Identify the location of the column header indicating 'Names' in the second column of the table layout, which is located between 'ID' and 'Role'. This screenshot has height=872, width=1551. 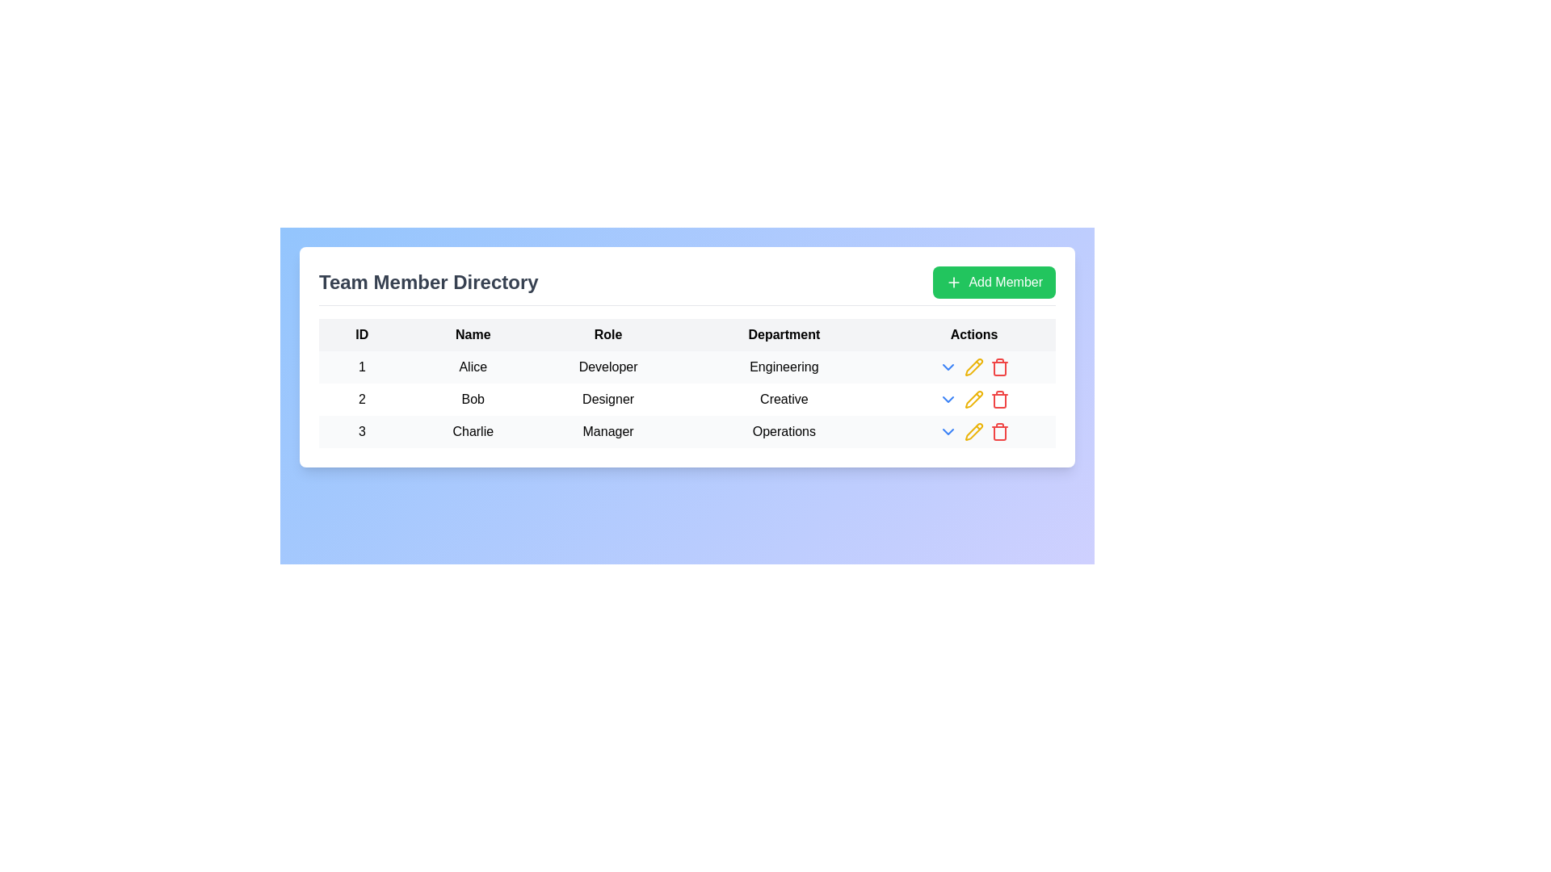
(472, 334).